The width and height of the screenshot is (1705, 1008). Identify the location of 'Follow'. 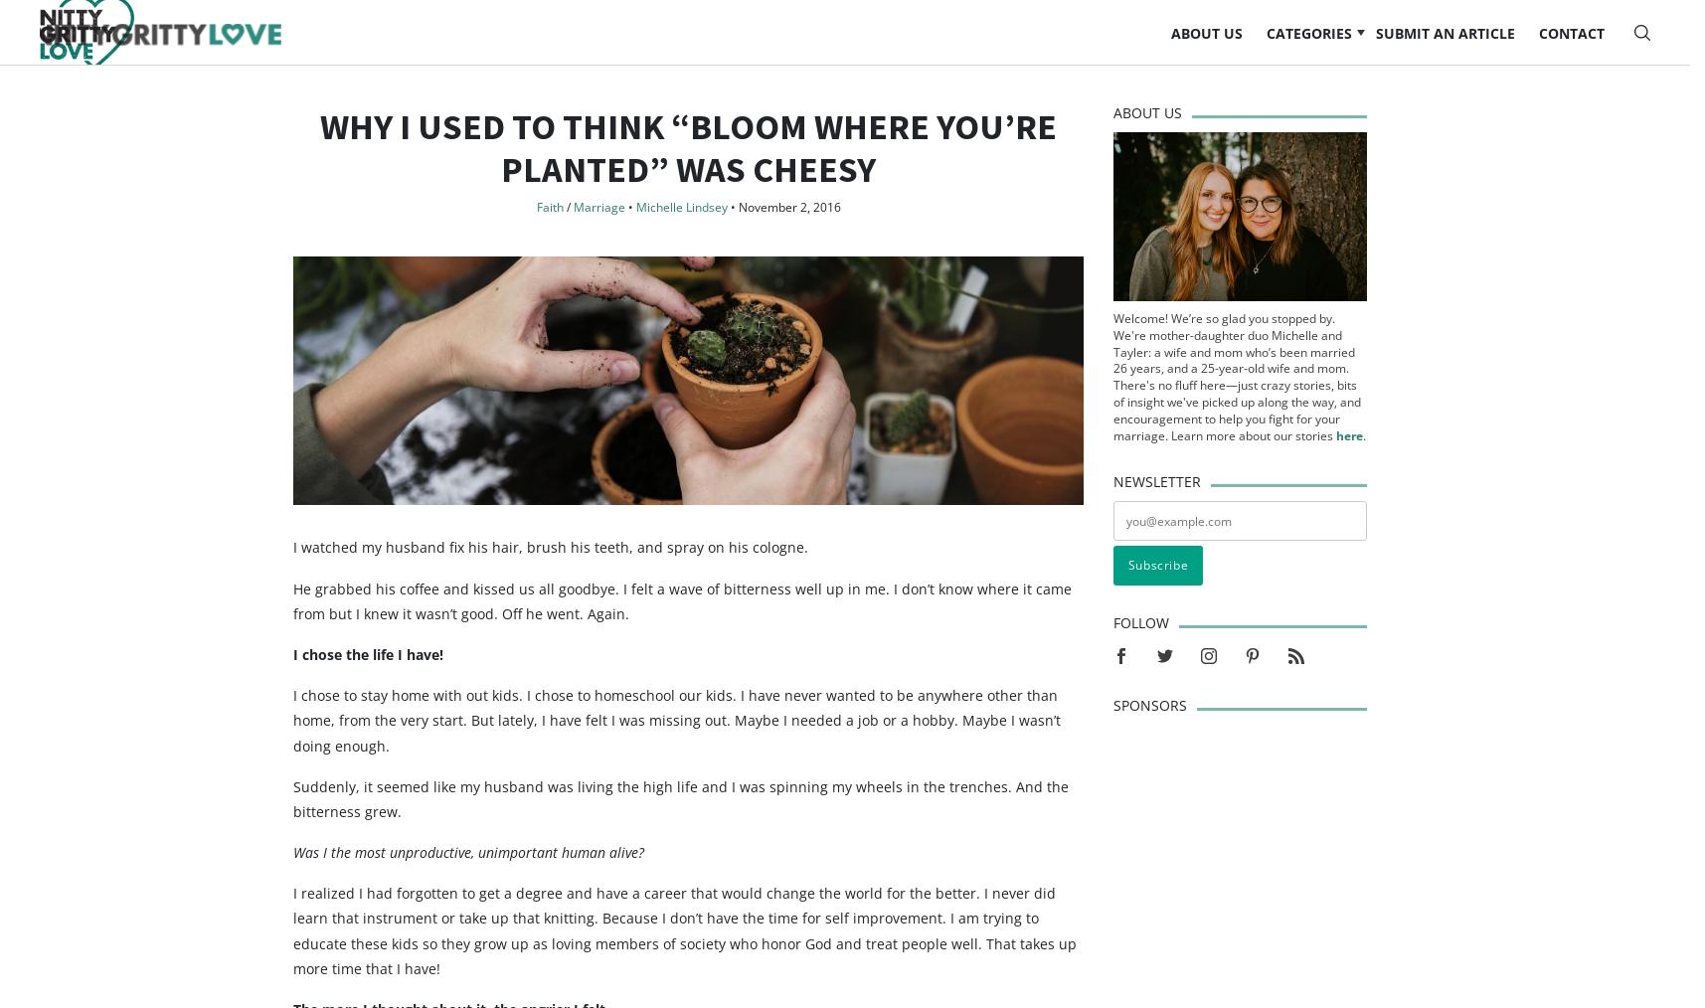
(1141, 661).